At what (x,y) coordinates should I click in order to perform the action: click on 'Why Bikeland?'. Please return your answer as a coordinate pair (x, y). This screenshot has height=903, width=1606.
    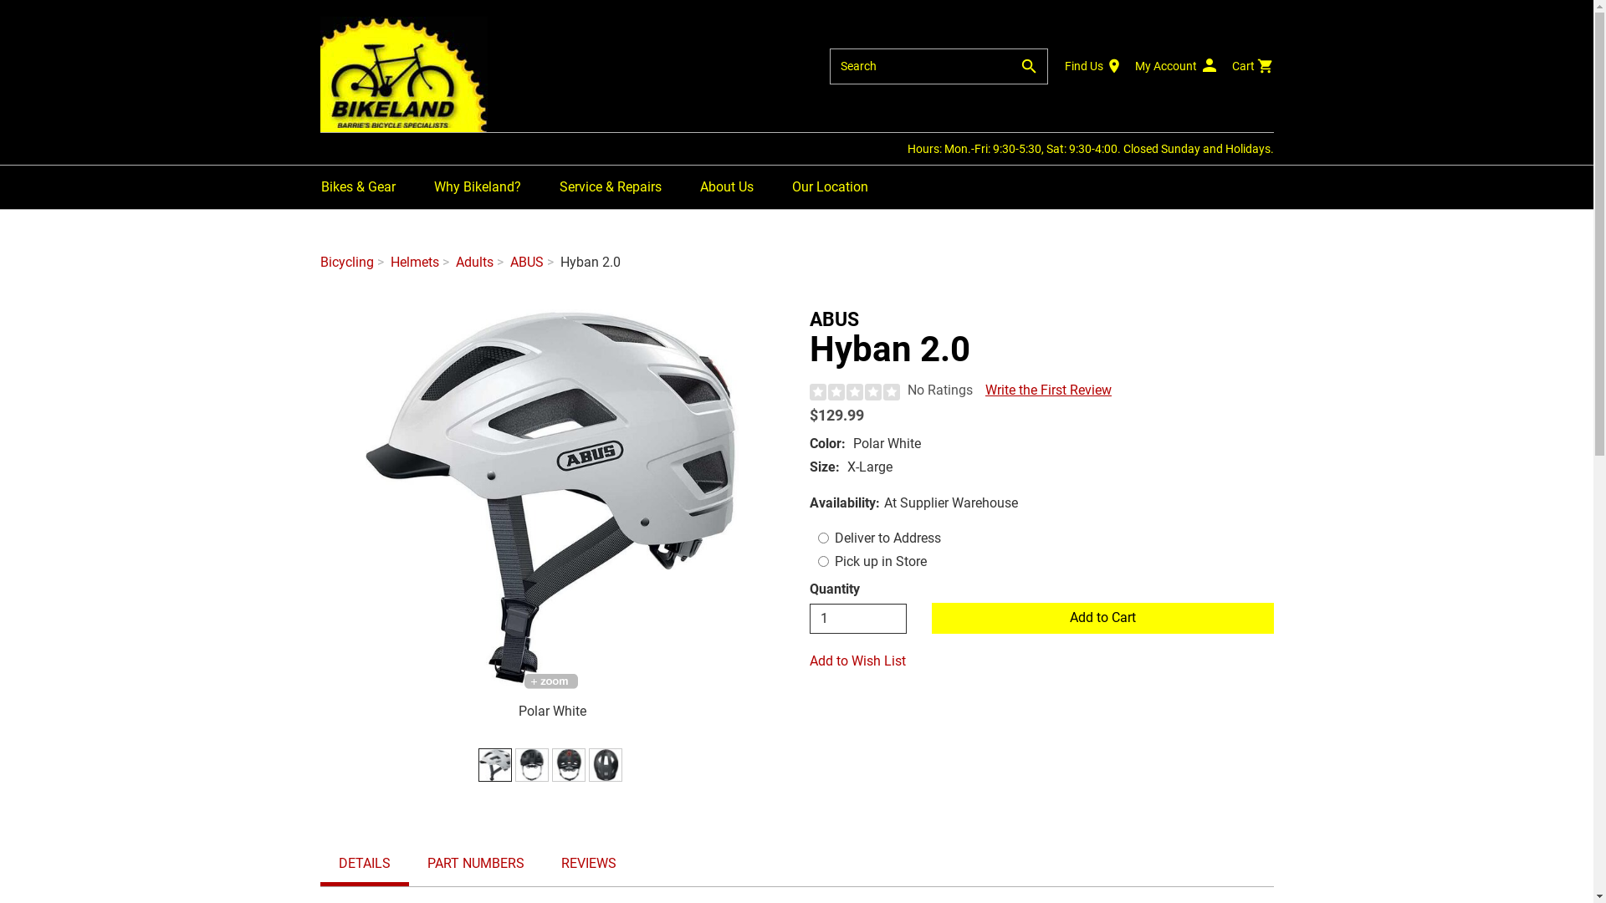
    Looking at the image, I should click on (476, 186).